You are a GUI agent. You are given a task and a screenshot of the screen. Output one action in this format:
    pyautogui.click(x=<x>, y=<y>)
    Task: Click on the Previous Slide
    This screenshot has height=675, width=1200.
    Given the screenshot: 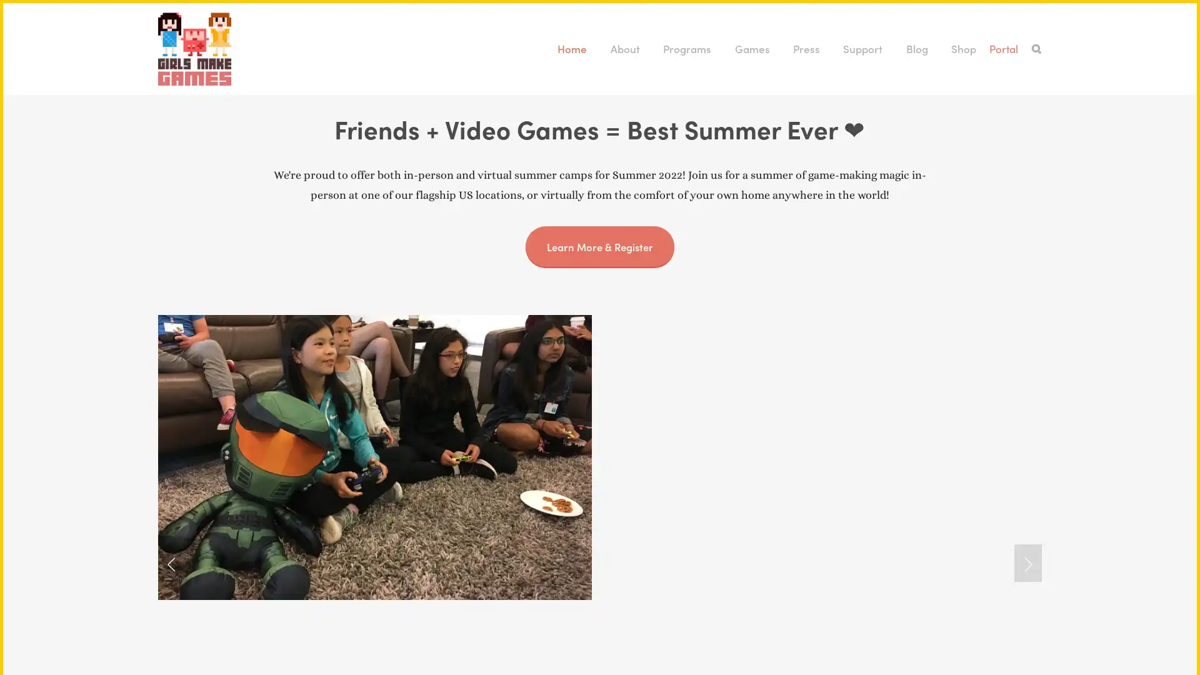 What is the action you would take?
    pyautogui.click(x=171, y=563)
    